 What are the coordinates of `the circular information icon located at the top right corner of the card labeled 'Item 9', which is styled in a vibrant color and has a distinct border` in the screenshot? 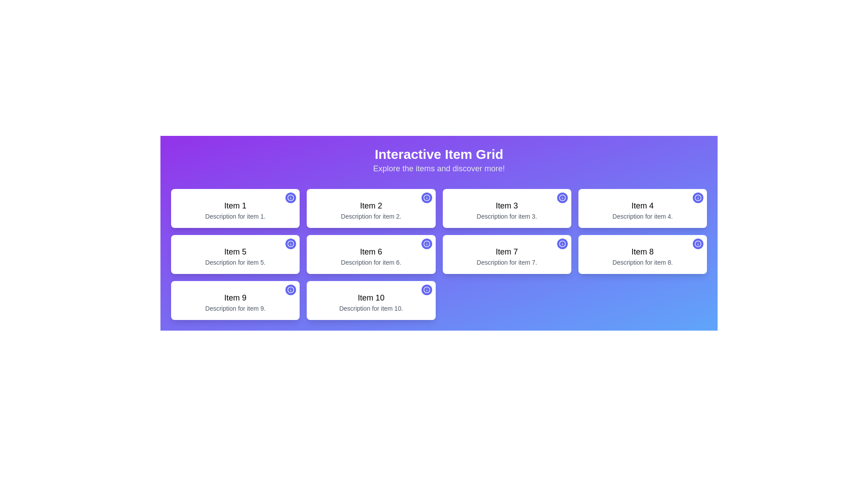 It's located at (291, 290).